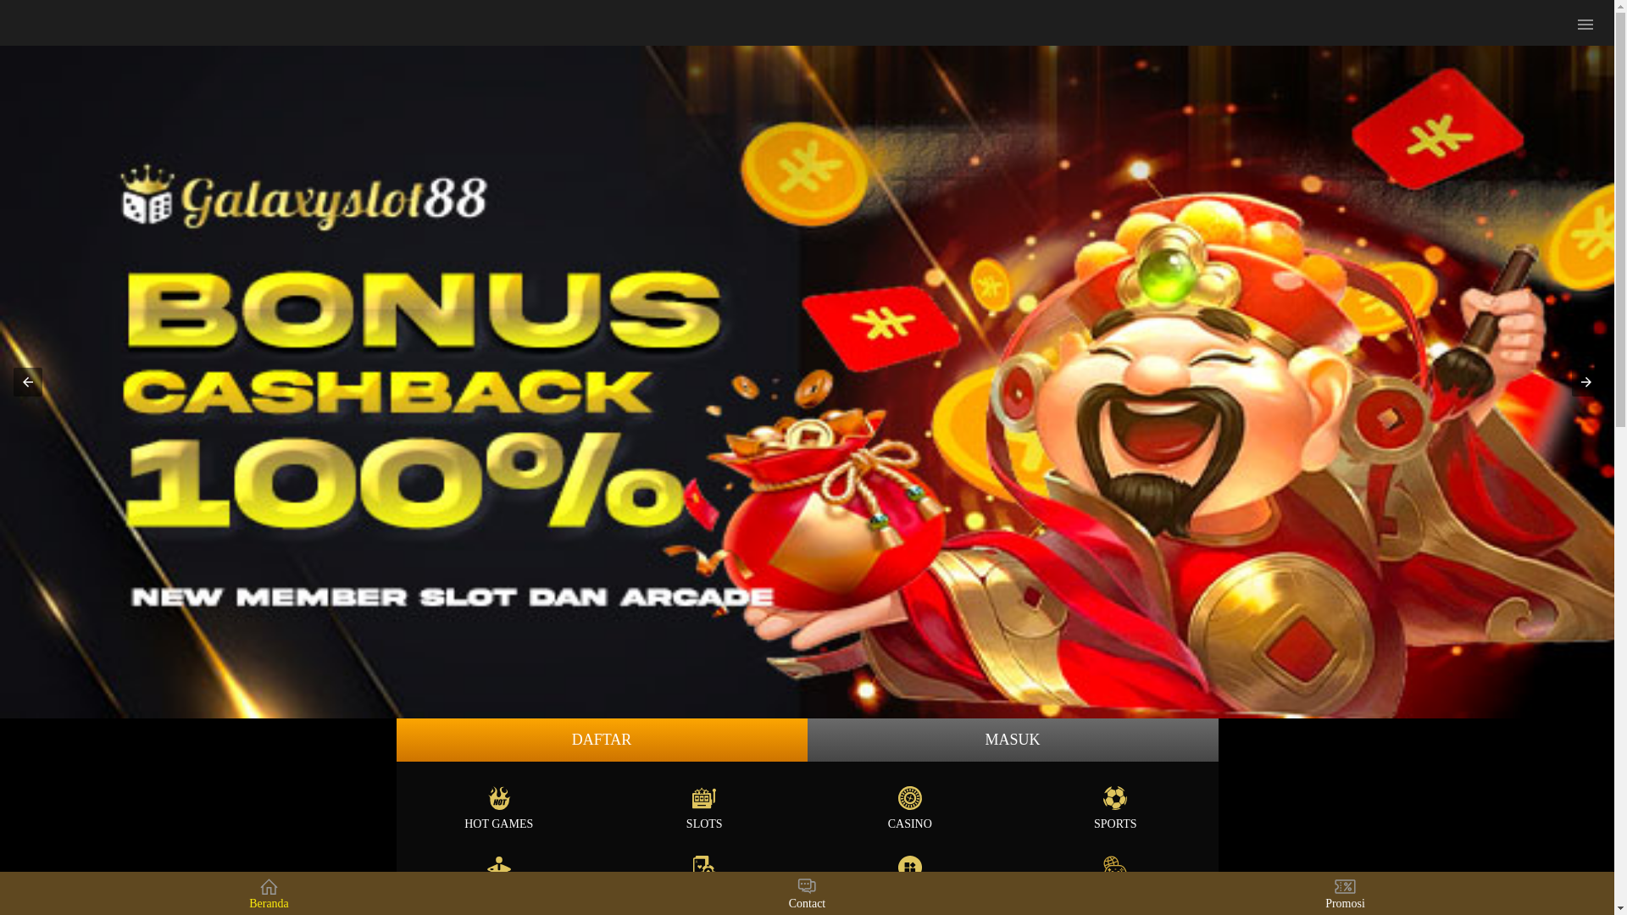 The width and height of the screenshot is (1627, 915). What do you see at coordinates (806, 892) in the screenshot?
I see `'Contact'` at bounding box center [806, 892].